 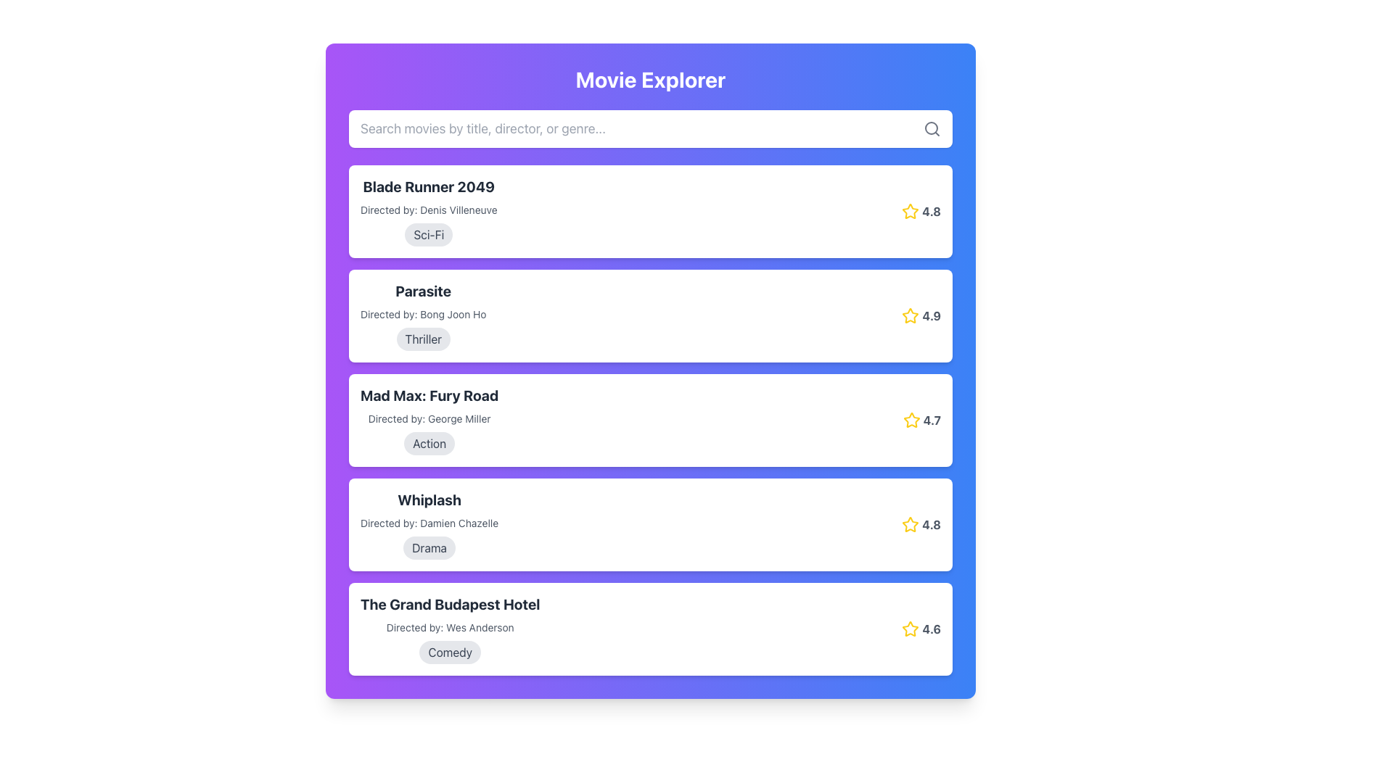 What do you see at coordinates (910, 315) in the screenshot?
I see `the star icon located to the right of the second movie entry in the list, which is styled in yellow and indicates a rating of '4.9'` at bounding box center [910, 315].